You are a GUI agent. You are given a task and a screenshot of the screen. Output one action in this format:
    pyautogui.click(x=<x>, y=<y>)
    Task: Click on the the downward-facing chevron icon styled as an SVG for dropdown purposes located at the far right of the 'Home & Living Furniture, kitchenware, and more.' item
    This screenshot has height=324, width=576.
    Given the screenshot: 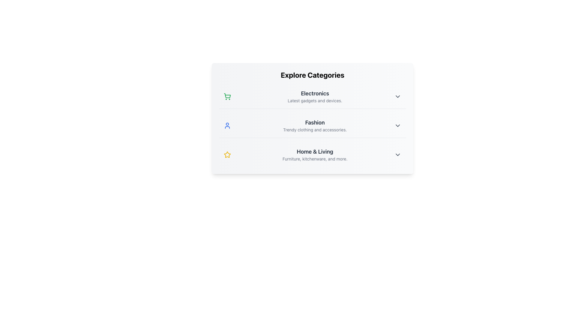 What is the action you would take?
    pyautogui.click(x=397, y=154)
    